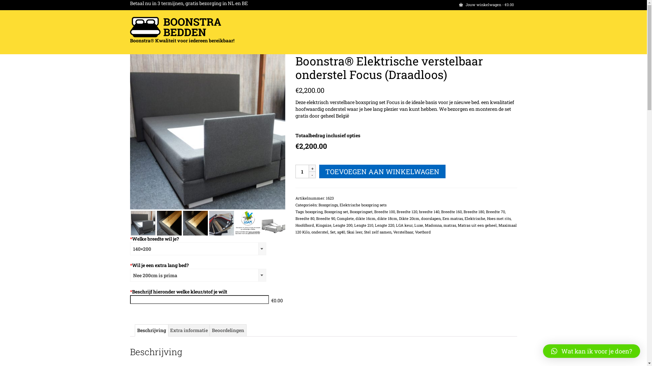  Describe the element at coordinates (207, 132) in the screenshot. I see `'DSC04525'` at that location.